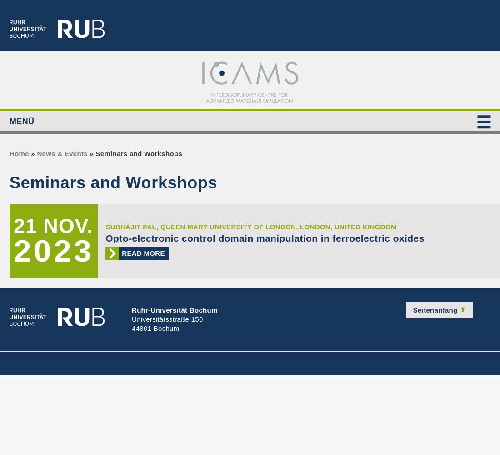 The image size is (500, 455). I want to click on '2023', so click(54, 250).